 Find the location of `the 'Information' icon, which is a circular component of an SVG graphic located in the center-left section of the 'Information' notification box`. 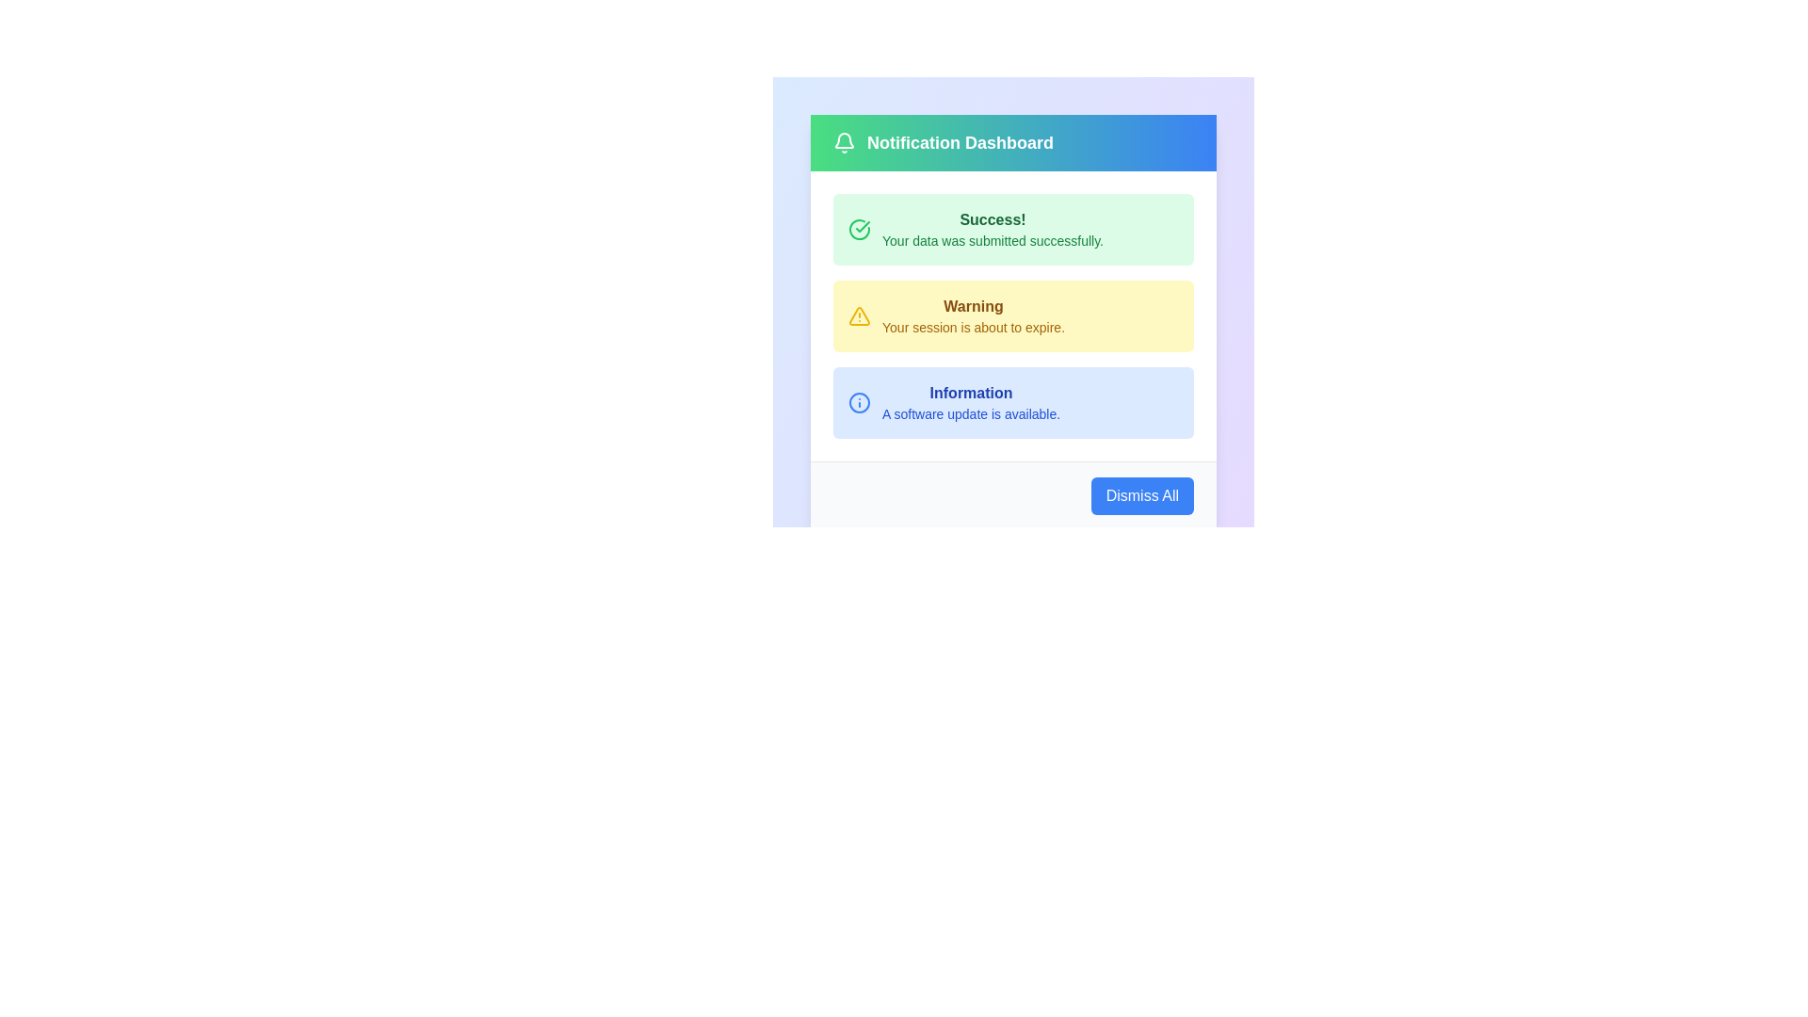

the 'Information' icon, which is a circular component of an SVG graphic located in the center-left section of the 'Information' notification box is located at coordinates (858, 402).